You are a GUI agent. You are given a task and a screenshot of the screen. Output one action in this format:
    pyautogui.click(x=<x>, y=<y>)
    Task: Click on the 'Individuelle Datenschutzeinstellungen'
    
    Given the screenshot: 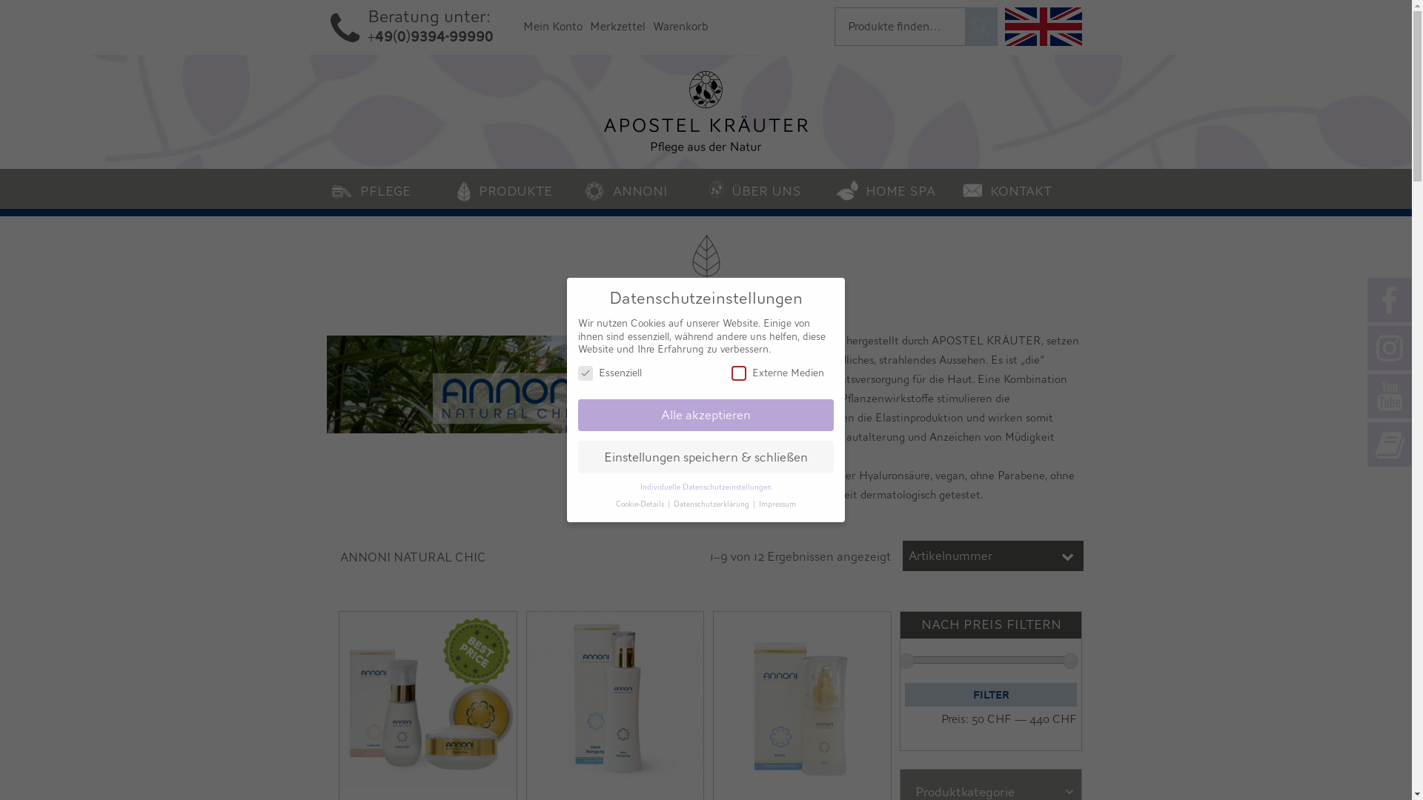 What is the action you would take?
    pyautogui.click(x=705, y=487)
    